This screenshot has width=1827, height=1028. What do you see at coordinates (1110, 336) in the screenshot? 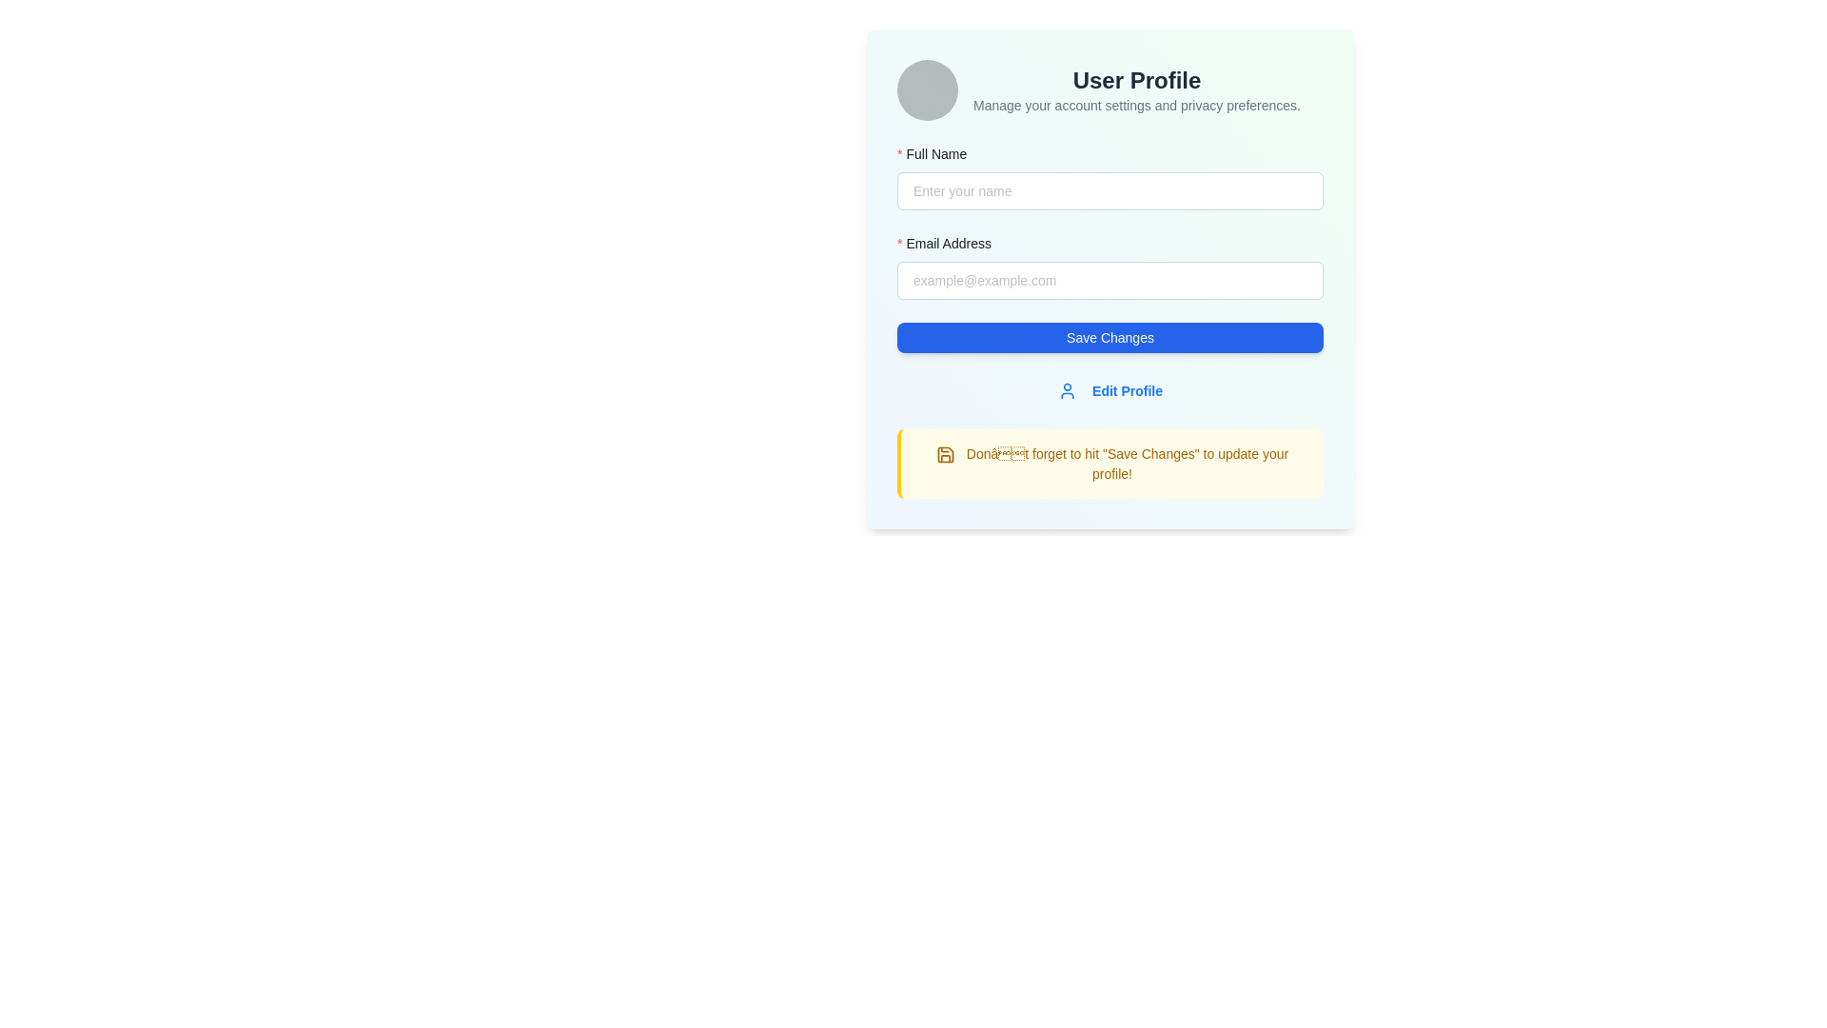
I see `the rectangular button with a blue background and white text reading 'Save Changes'` at bounding box center [1110, 336].